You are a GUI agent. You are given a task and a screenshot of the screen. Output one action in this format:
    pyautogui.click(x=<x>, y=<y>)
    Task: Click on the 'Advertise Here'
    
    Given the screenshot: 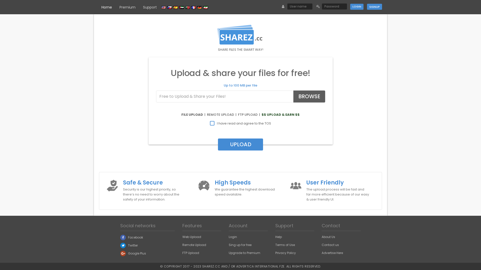 What is the action you would take?
    pyautogui.click(x=332, y=253)
    